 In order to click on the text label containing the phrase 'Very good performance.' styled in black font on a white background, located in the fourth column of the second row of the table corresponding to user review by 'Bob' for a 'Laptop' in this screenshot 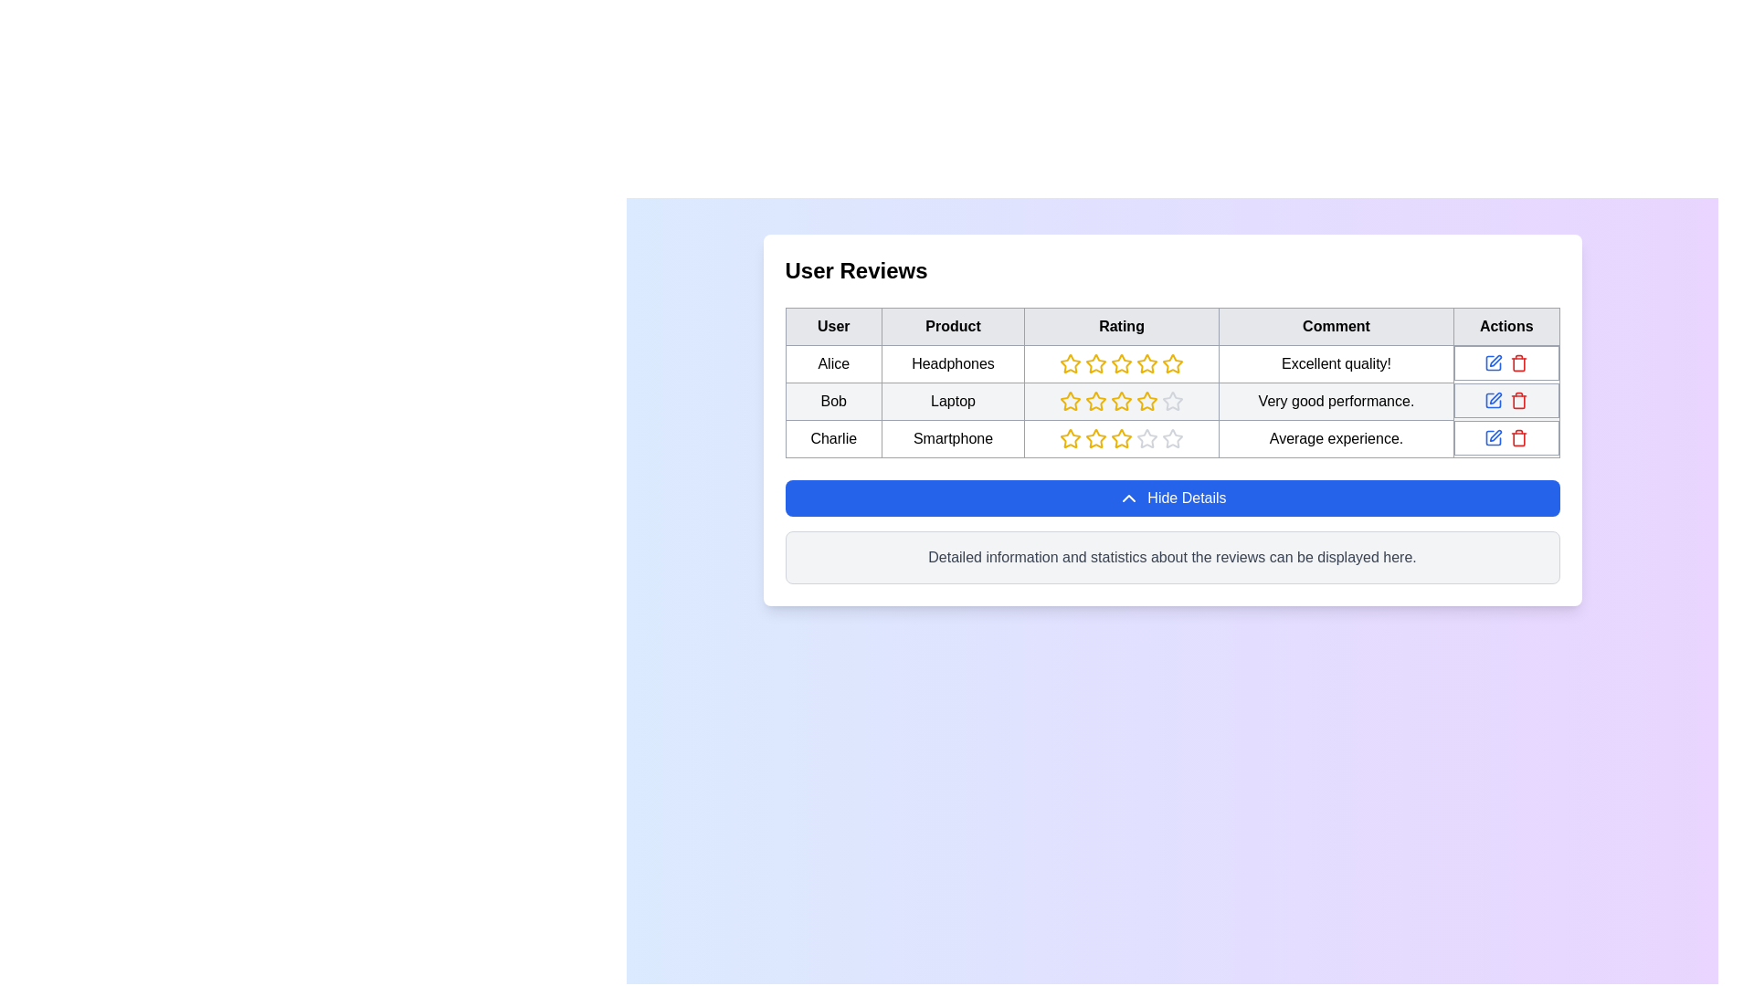, I will do `click(1337, 400)`.